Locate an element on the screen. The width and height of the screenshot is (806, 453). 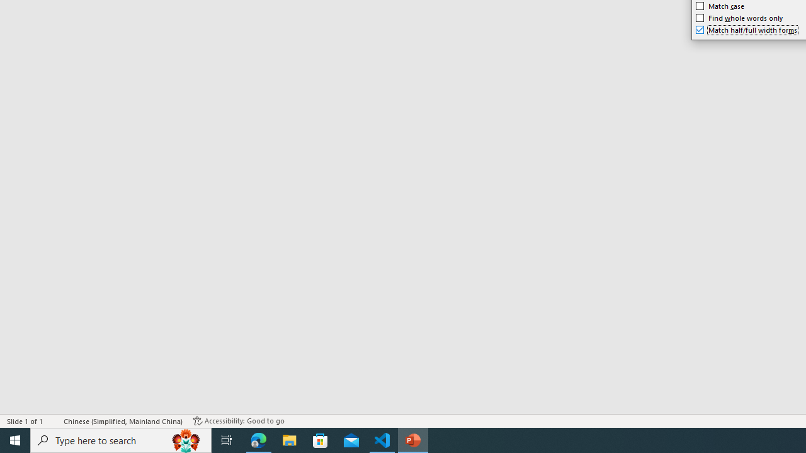
'Find whole words only' is located at coordinates (740, 18).